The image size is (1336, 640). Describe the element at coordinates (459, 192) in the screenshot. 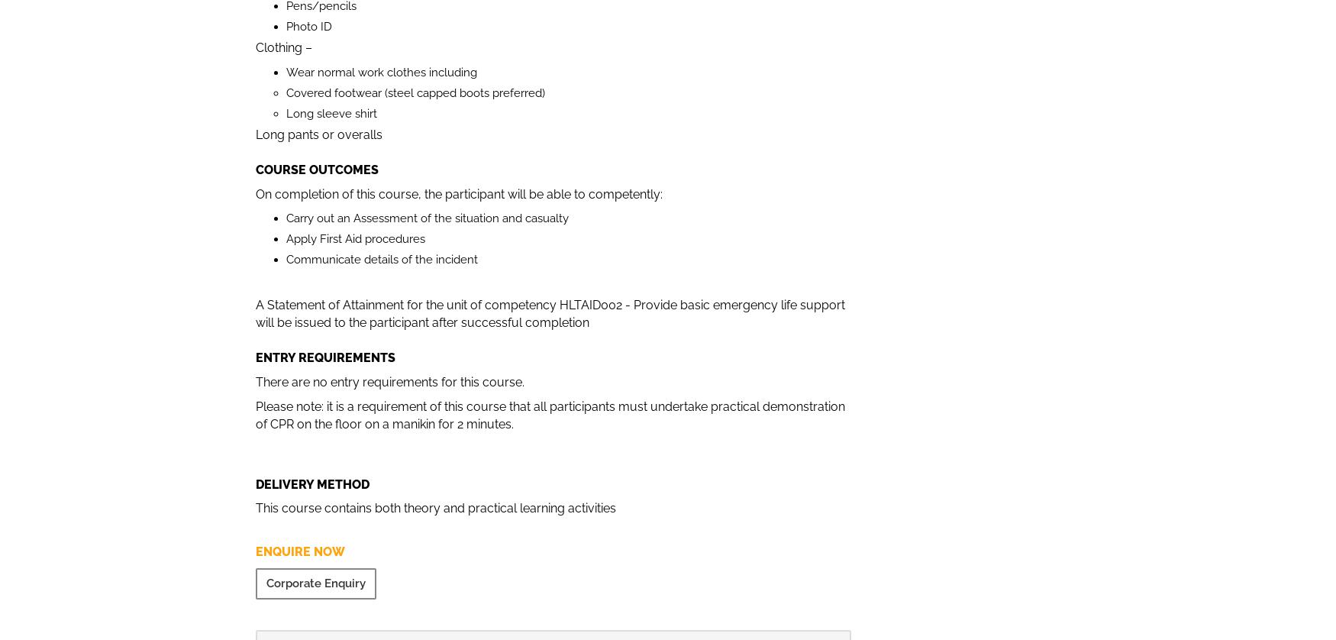

I see `'On completion of this course, the participant will be able to competently:'` at that location.